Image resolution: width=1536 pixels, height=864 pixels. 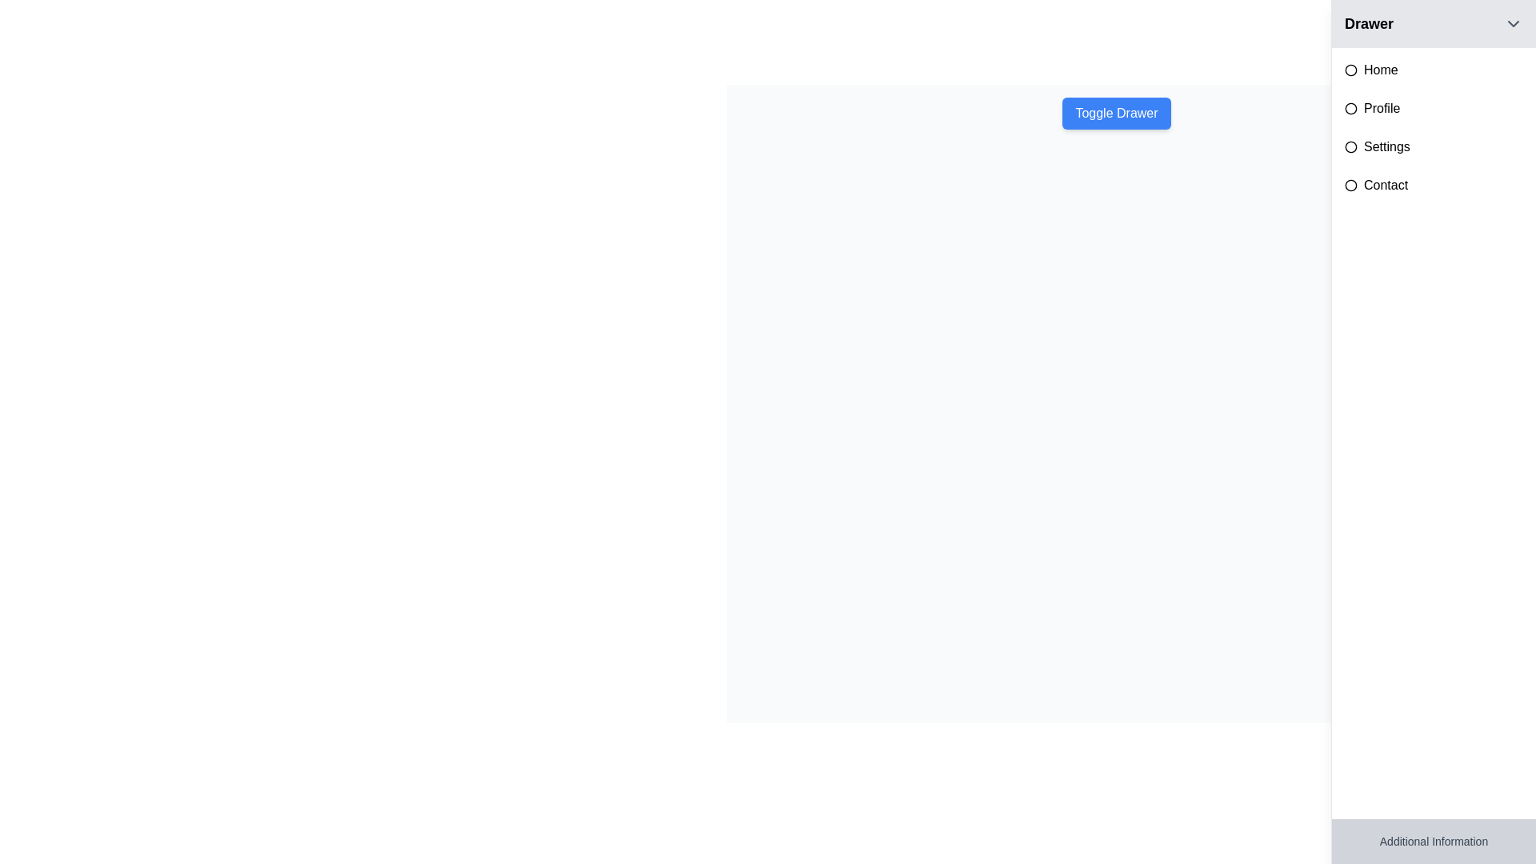 I want to click on the circular icon styled with a simple stroke design, located to the left of the 'Profile' text in the vertically-stacked menu inside the drawer, so click(x=1350, y=108).